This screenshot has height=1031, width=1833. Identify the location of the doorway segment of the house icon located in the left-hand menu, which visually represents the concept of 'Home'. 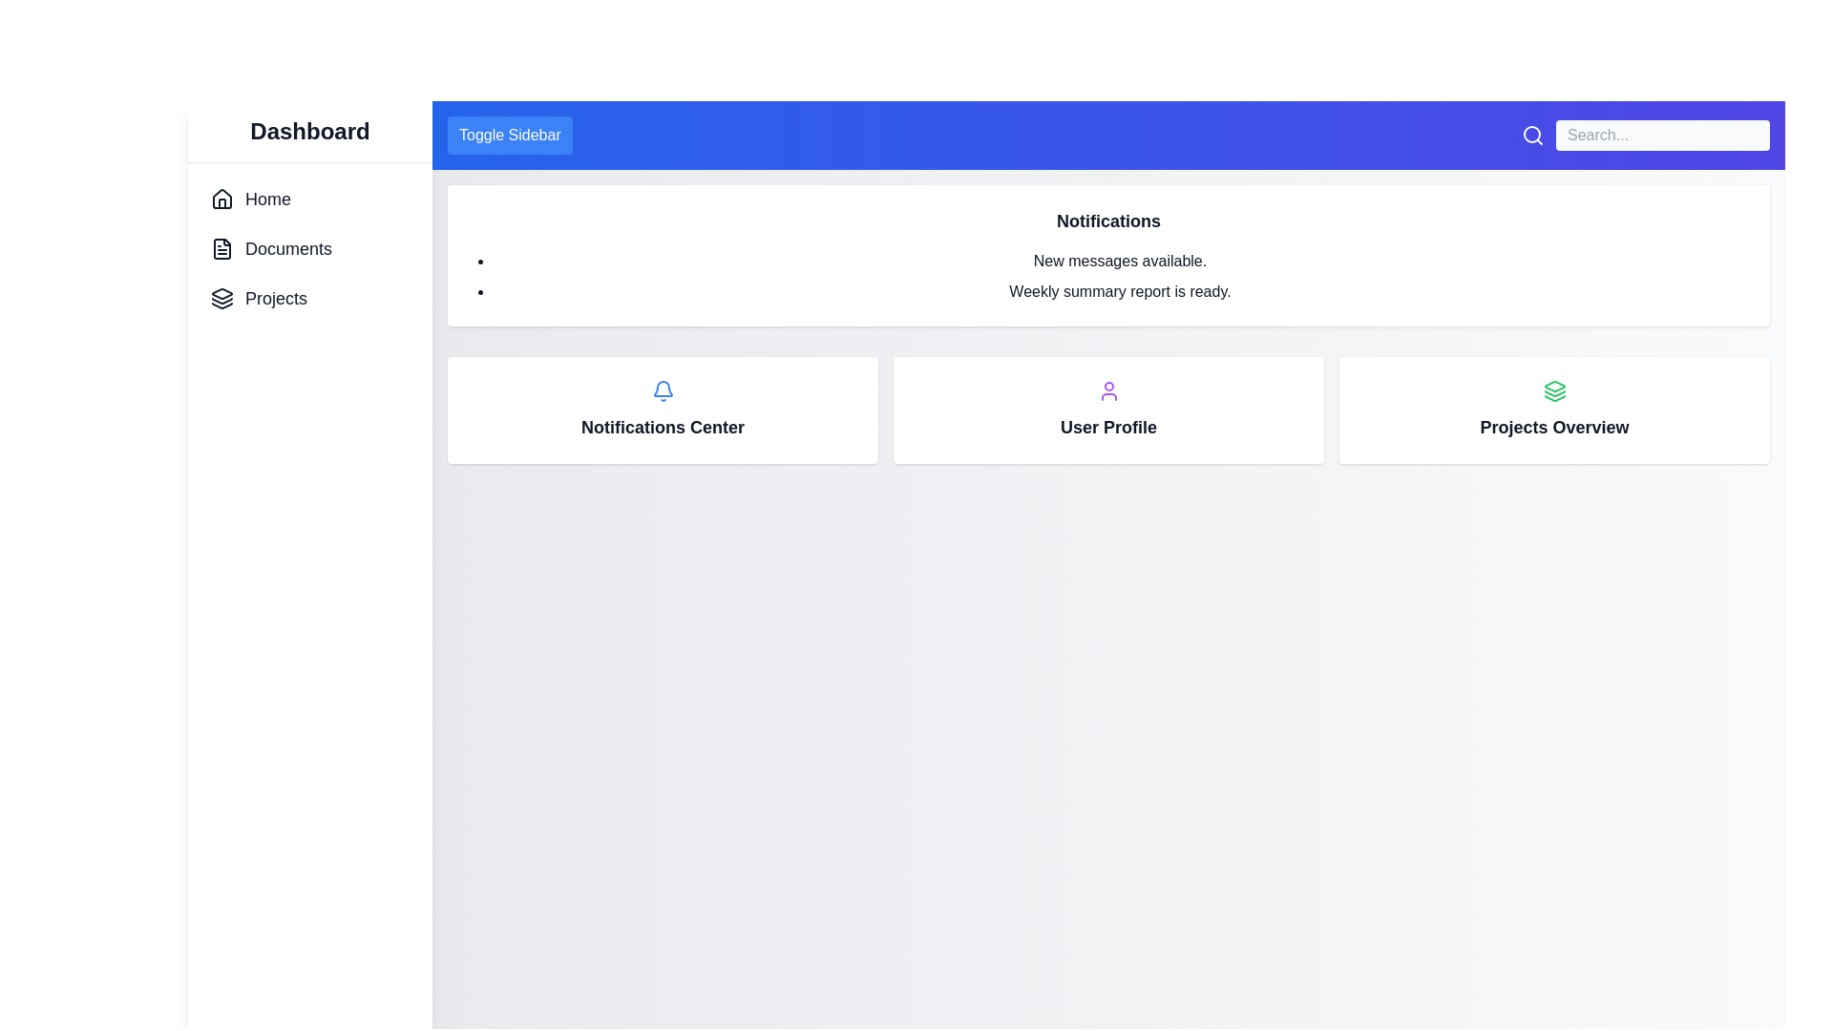
(222, 203).